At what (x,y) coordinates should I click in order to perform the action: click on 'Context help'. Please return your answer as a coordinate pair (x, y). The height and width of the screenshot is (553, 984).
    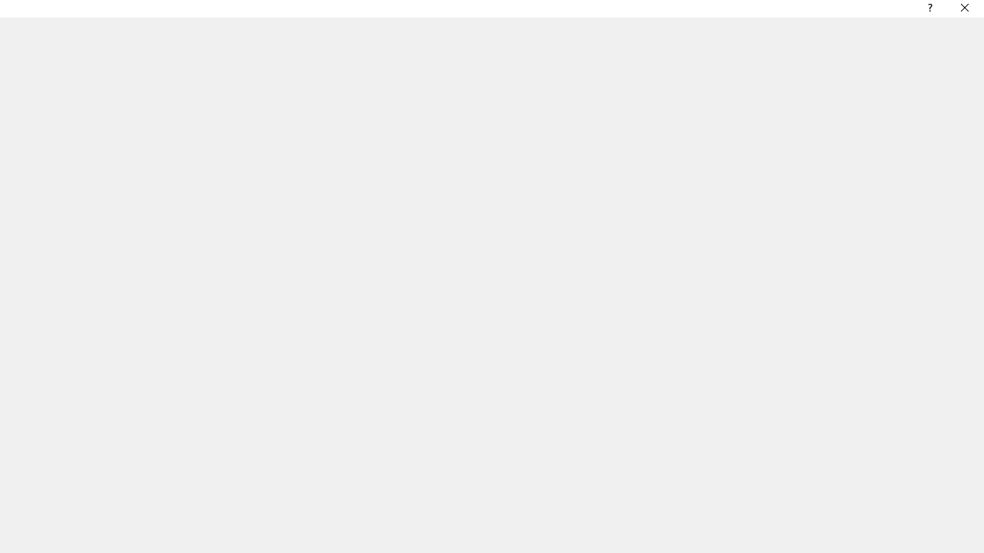
    Looking at the image, I should click on (928, 12).